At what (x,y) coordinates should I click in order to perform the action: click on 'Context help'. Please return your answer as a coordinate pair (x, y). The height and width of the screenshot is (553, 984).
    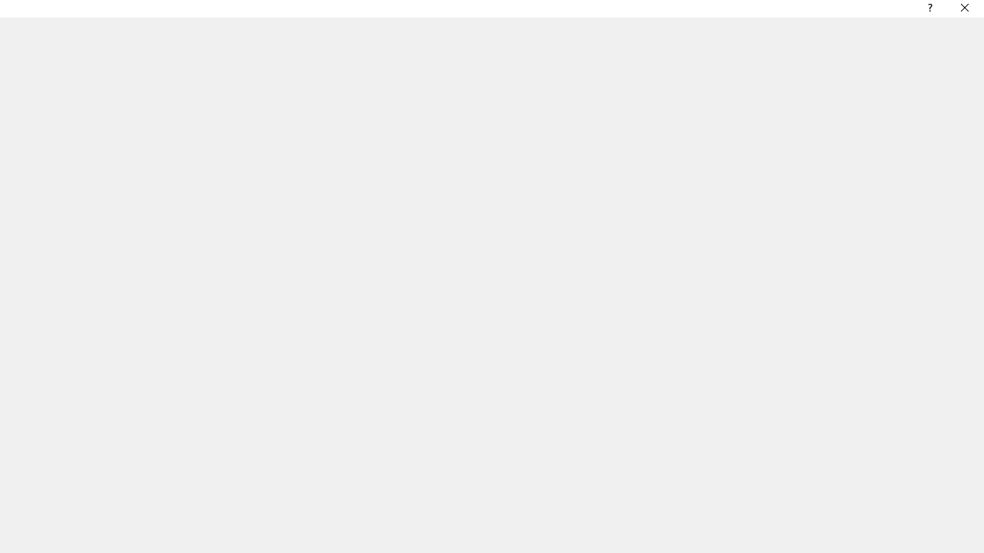
    Looking at the image, I should click on (928, 12).